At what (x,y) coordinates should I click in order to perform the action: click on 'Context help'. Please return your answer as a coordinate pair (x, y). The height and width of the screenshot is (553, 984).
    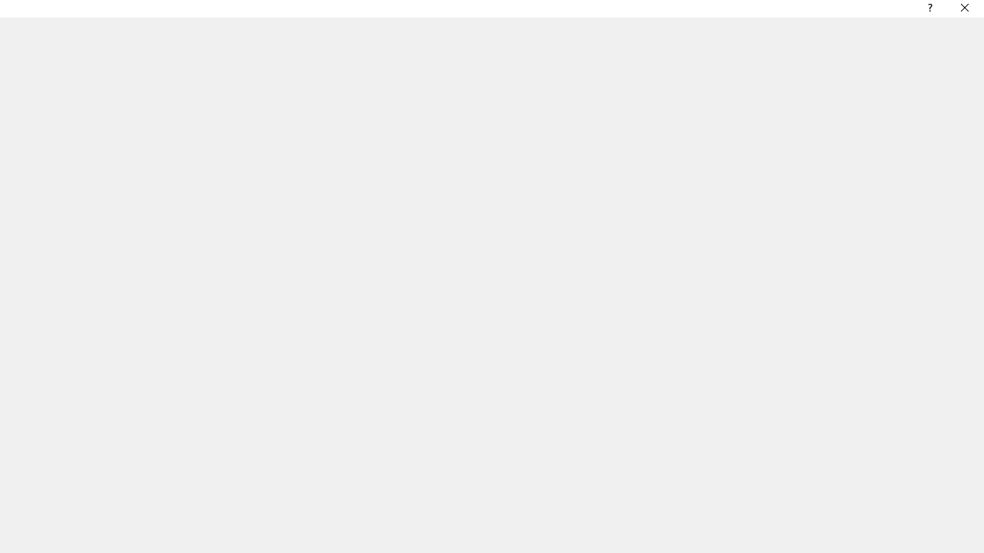
    Looking at the image, I should click on (928, 12).